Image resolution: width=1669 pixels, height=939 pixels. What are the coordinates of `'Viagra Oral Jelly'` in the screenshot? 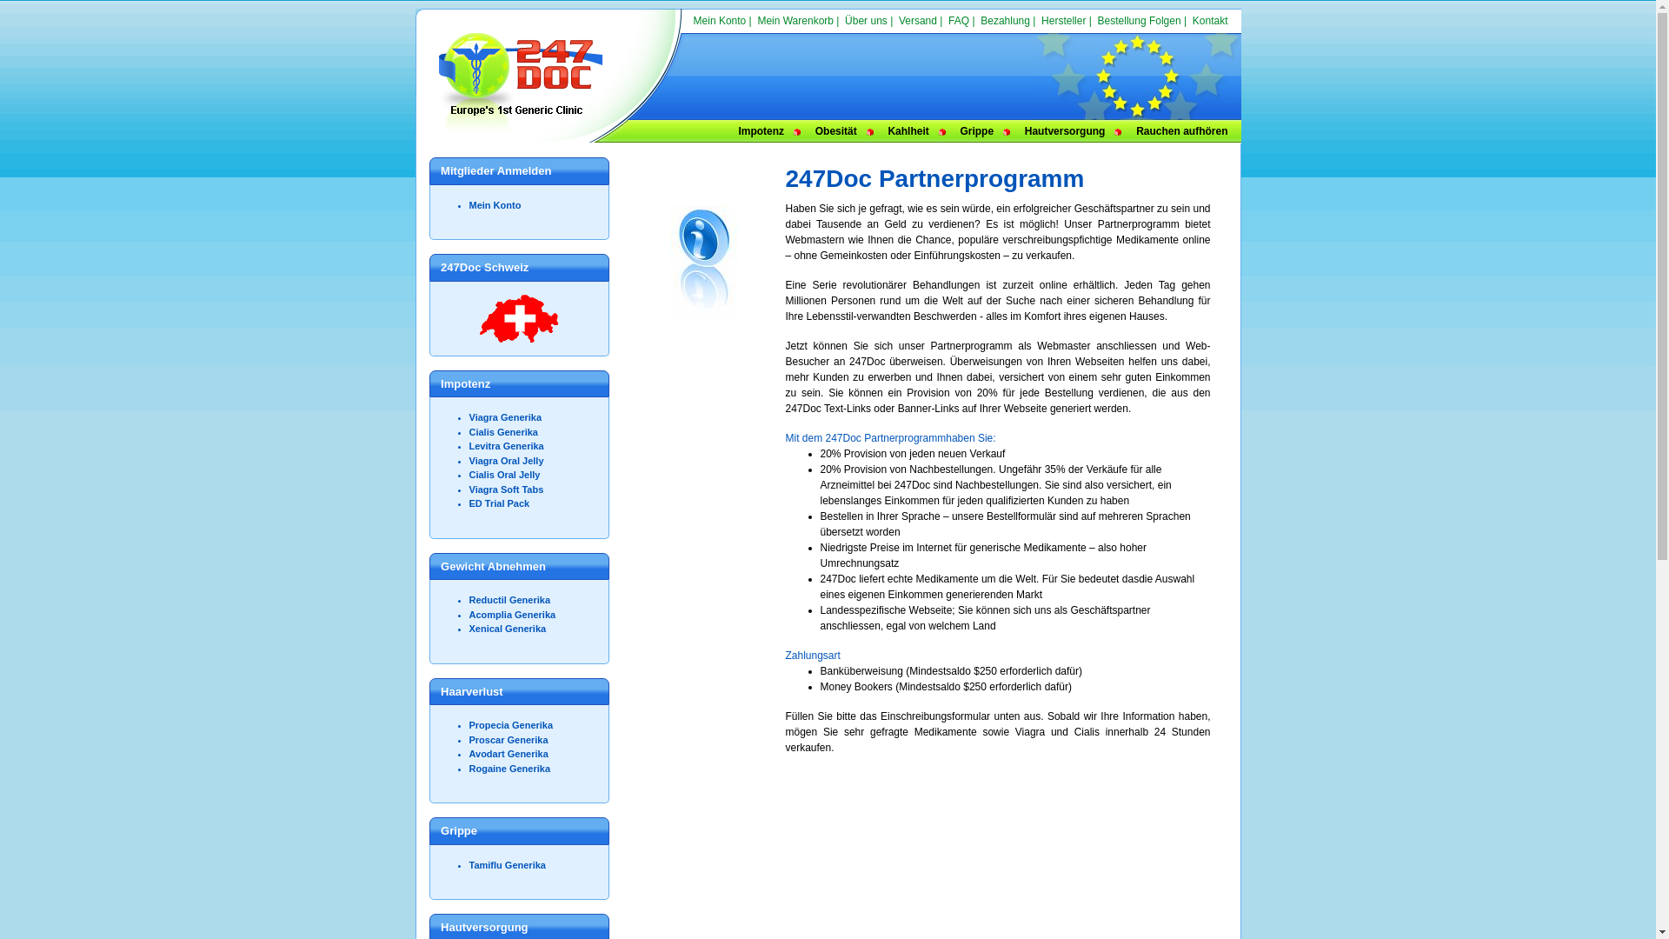 It's located at (505, 459).